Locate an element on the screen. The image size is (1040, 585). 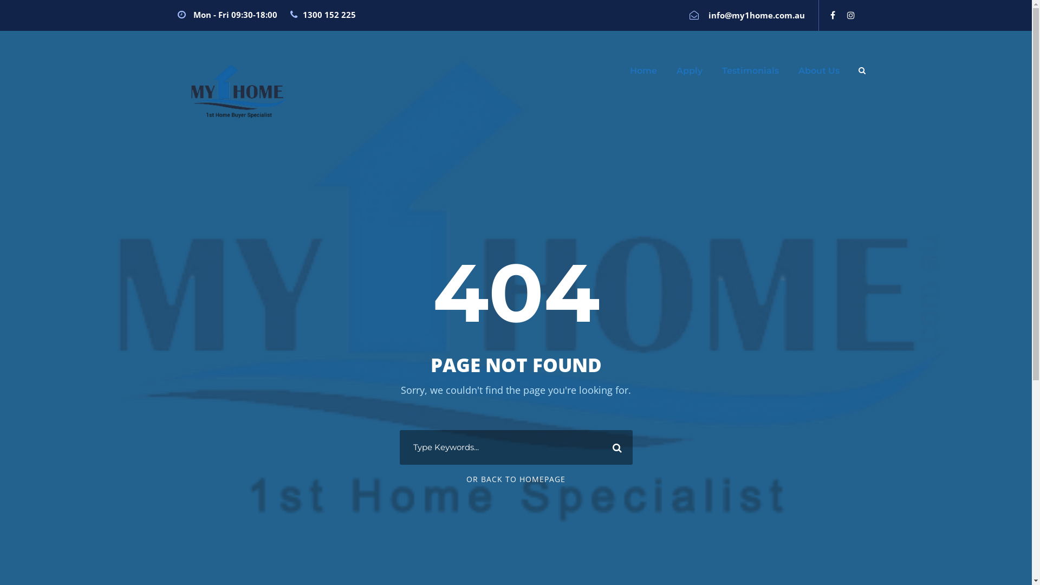
'Apply' is located at coordinates (688, 75).